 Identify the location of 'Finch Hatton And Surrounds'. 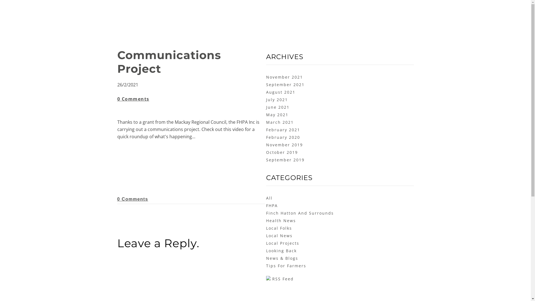
(299, 213).